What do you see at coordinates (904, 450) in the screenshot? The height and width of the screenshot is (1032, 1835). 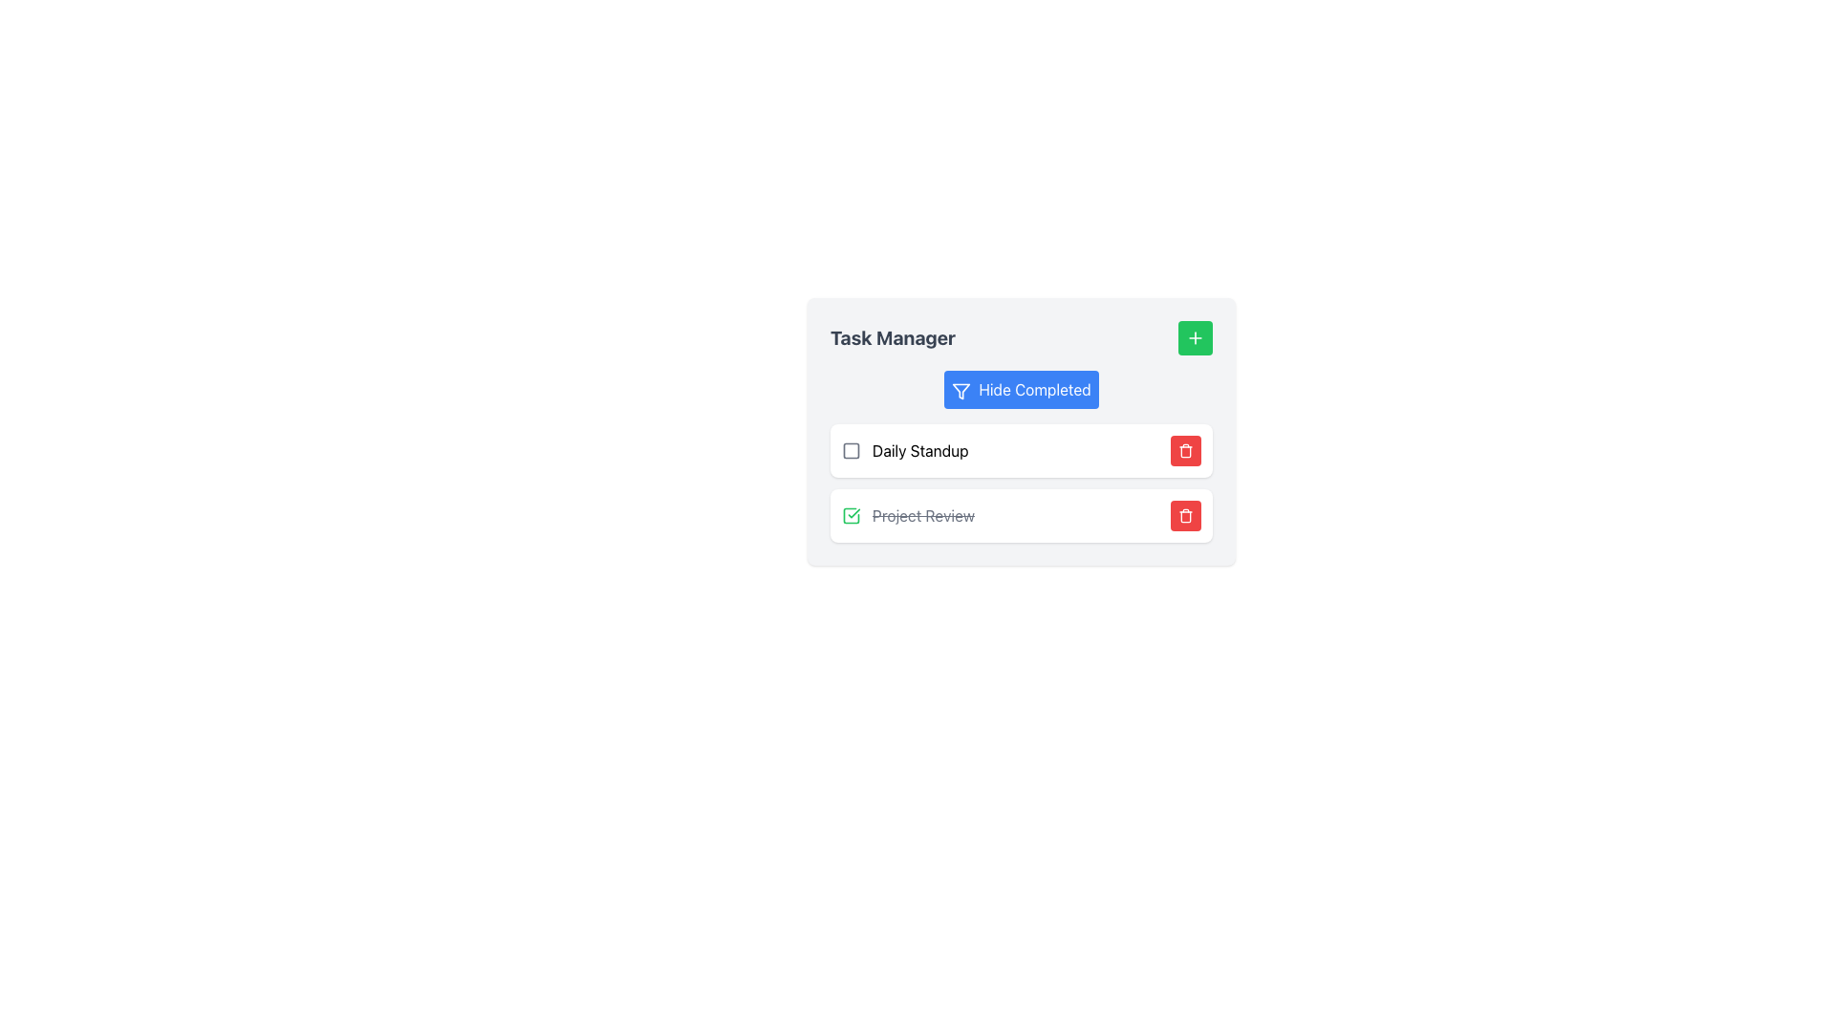 I see `the text label 'Daily Standup' to focus on the task item located below the 'Hide Completed' button and above the 'Project Review' task item` at bounding box center [904, 450].